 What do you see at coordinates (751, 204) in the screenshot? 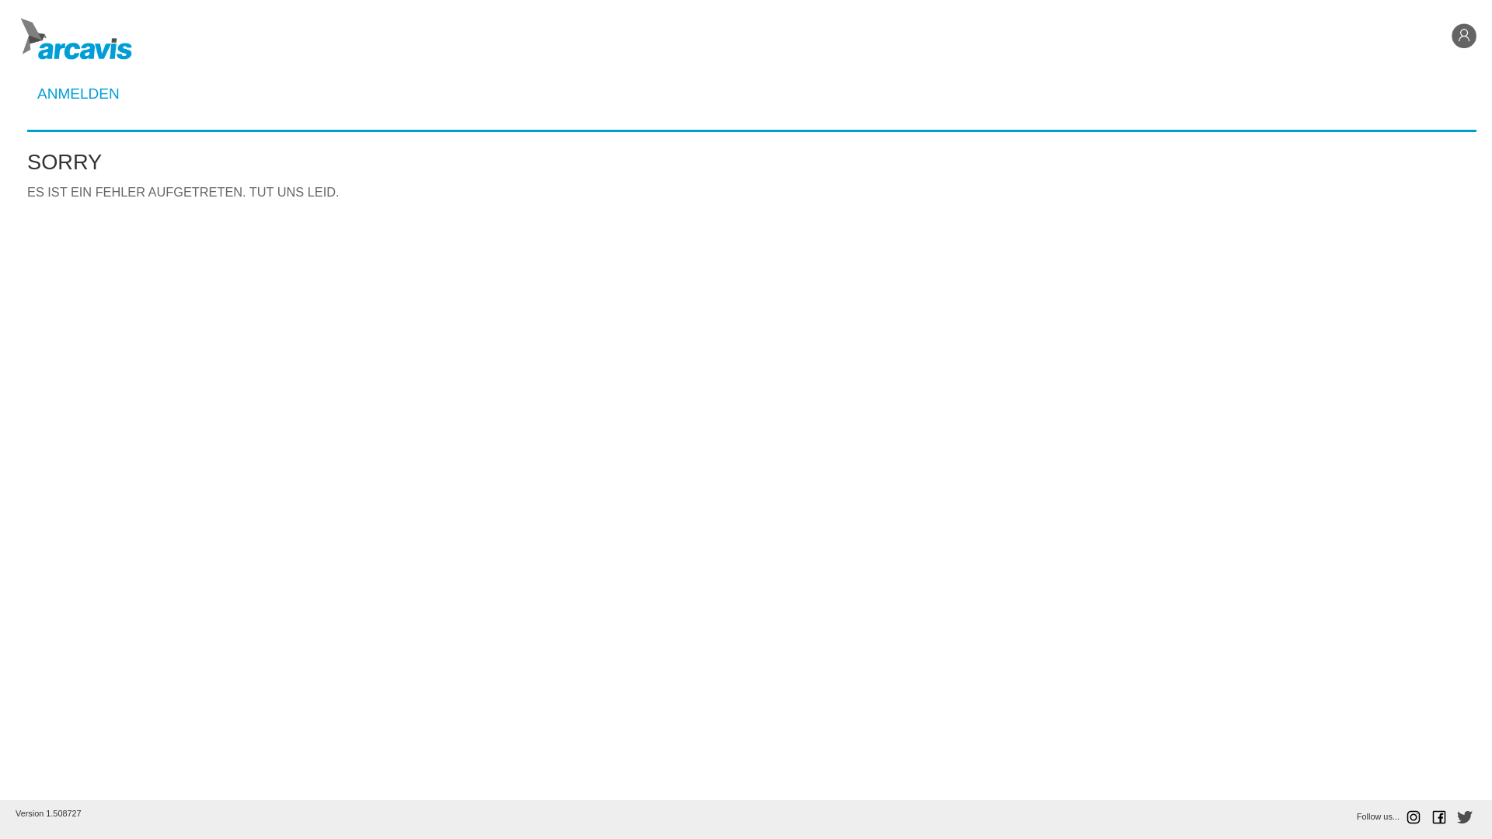
I see `'Details...'` at bounding box center [751, 204].